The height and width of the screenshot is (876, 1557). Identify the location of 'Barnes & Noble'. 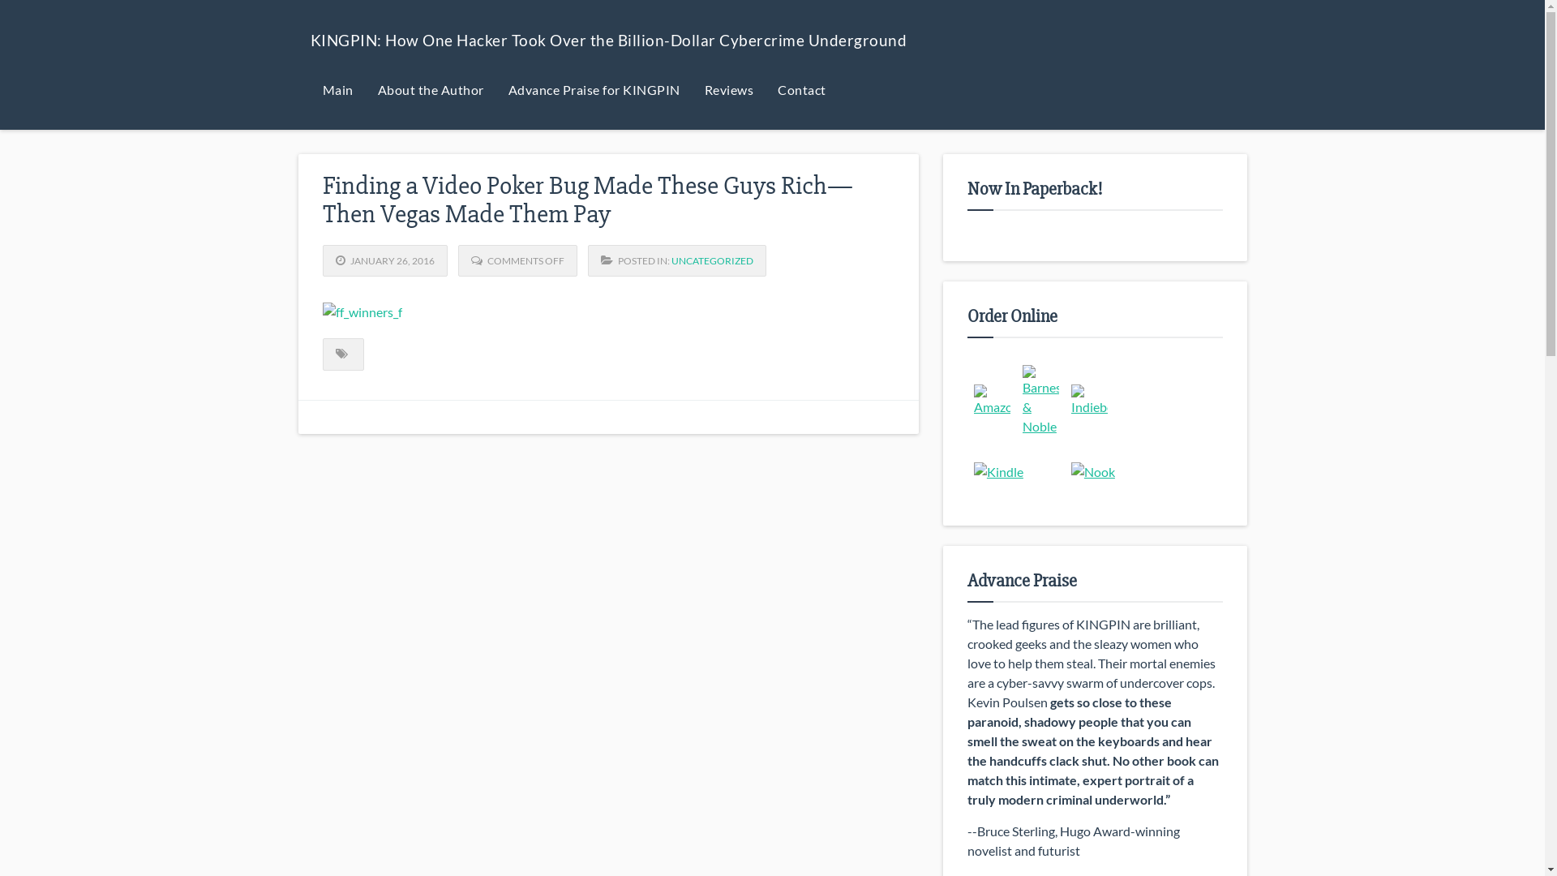
(1040, 400).